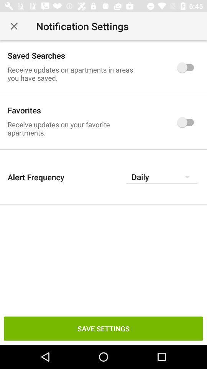 This screenshot has width=207, height=369. What do you see at coordinates (187, 122) in the screenshot?
I see `the switch which is right to text favorites` at bounding box center [187, 122].